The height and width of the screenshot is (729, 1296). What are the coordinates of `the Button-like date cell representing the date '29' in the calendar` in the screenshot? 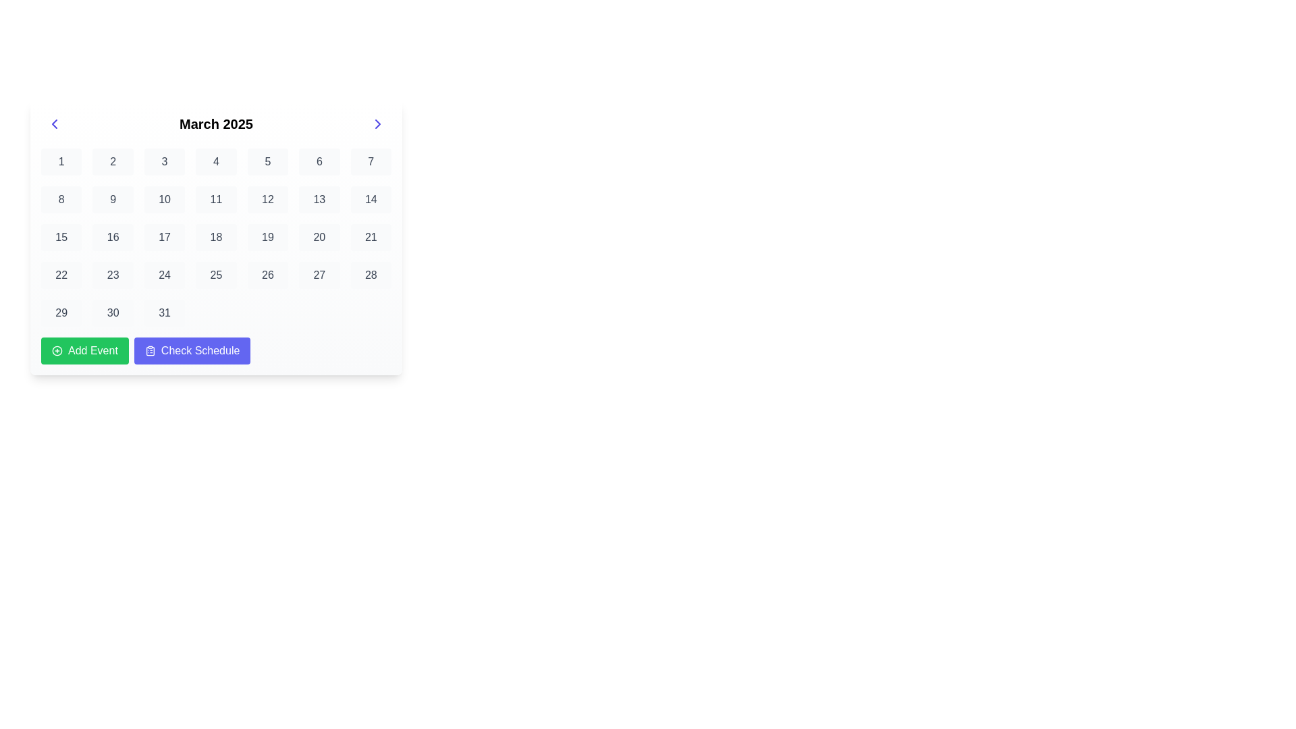 It's located at (61, 313).